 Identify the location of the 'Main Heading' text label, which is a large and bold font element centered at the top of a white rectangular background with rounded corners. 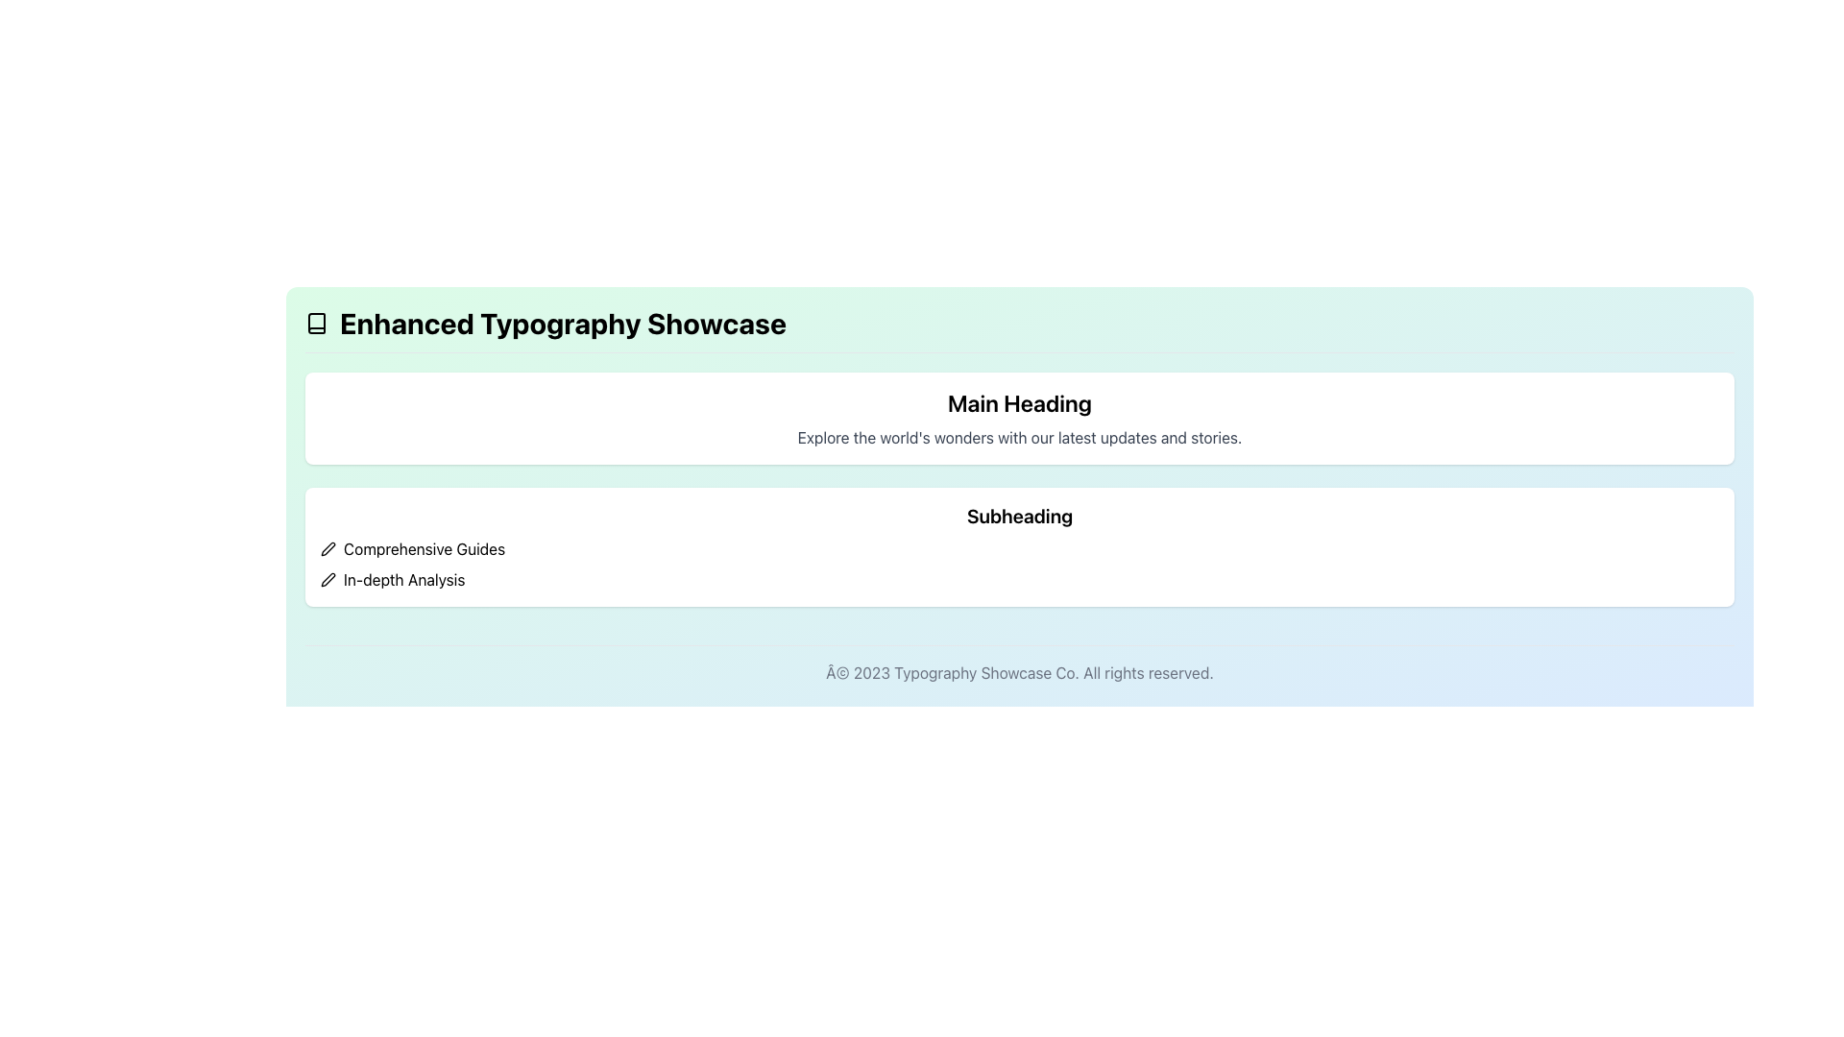
(1018, 402).